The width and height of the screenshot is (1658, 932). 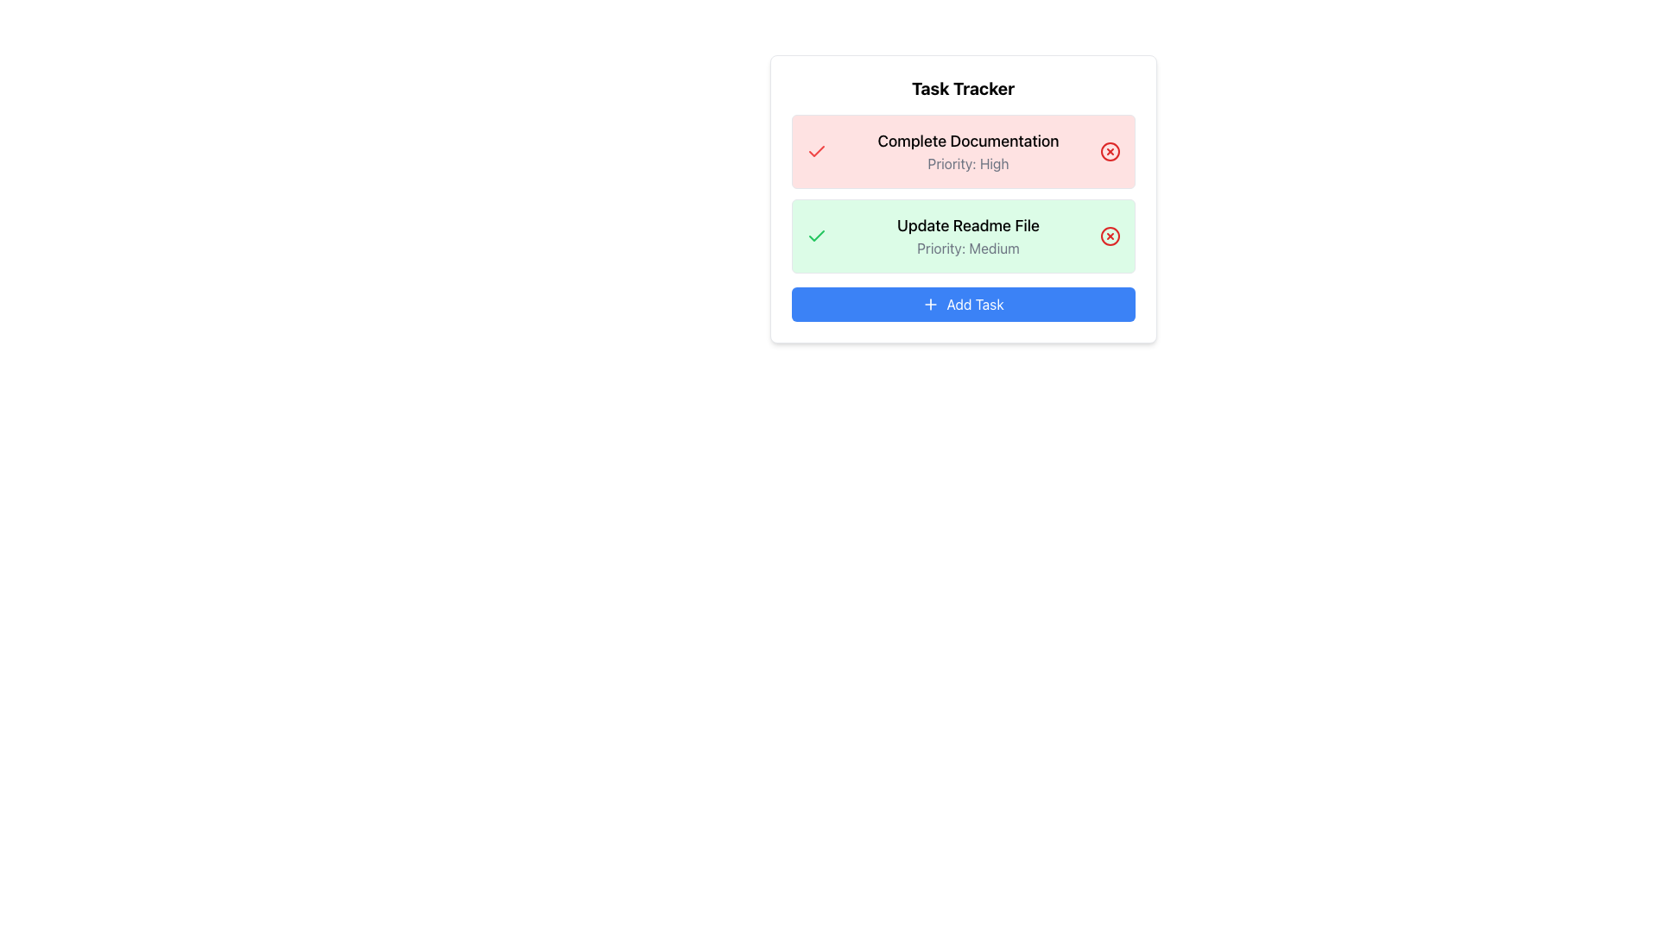 I want to click on the details of the Task box containing the text 'Update Readme File' and 'Priority: Medium', which is the second item in a vertically stacked list, so click(x=962, y=236).